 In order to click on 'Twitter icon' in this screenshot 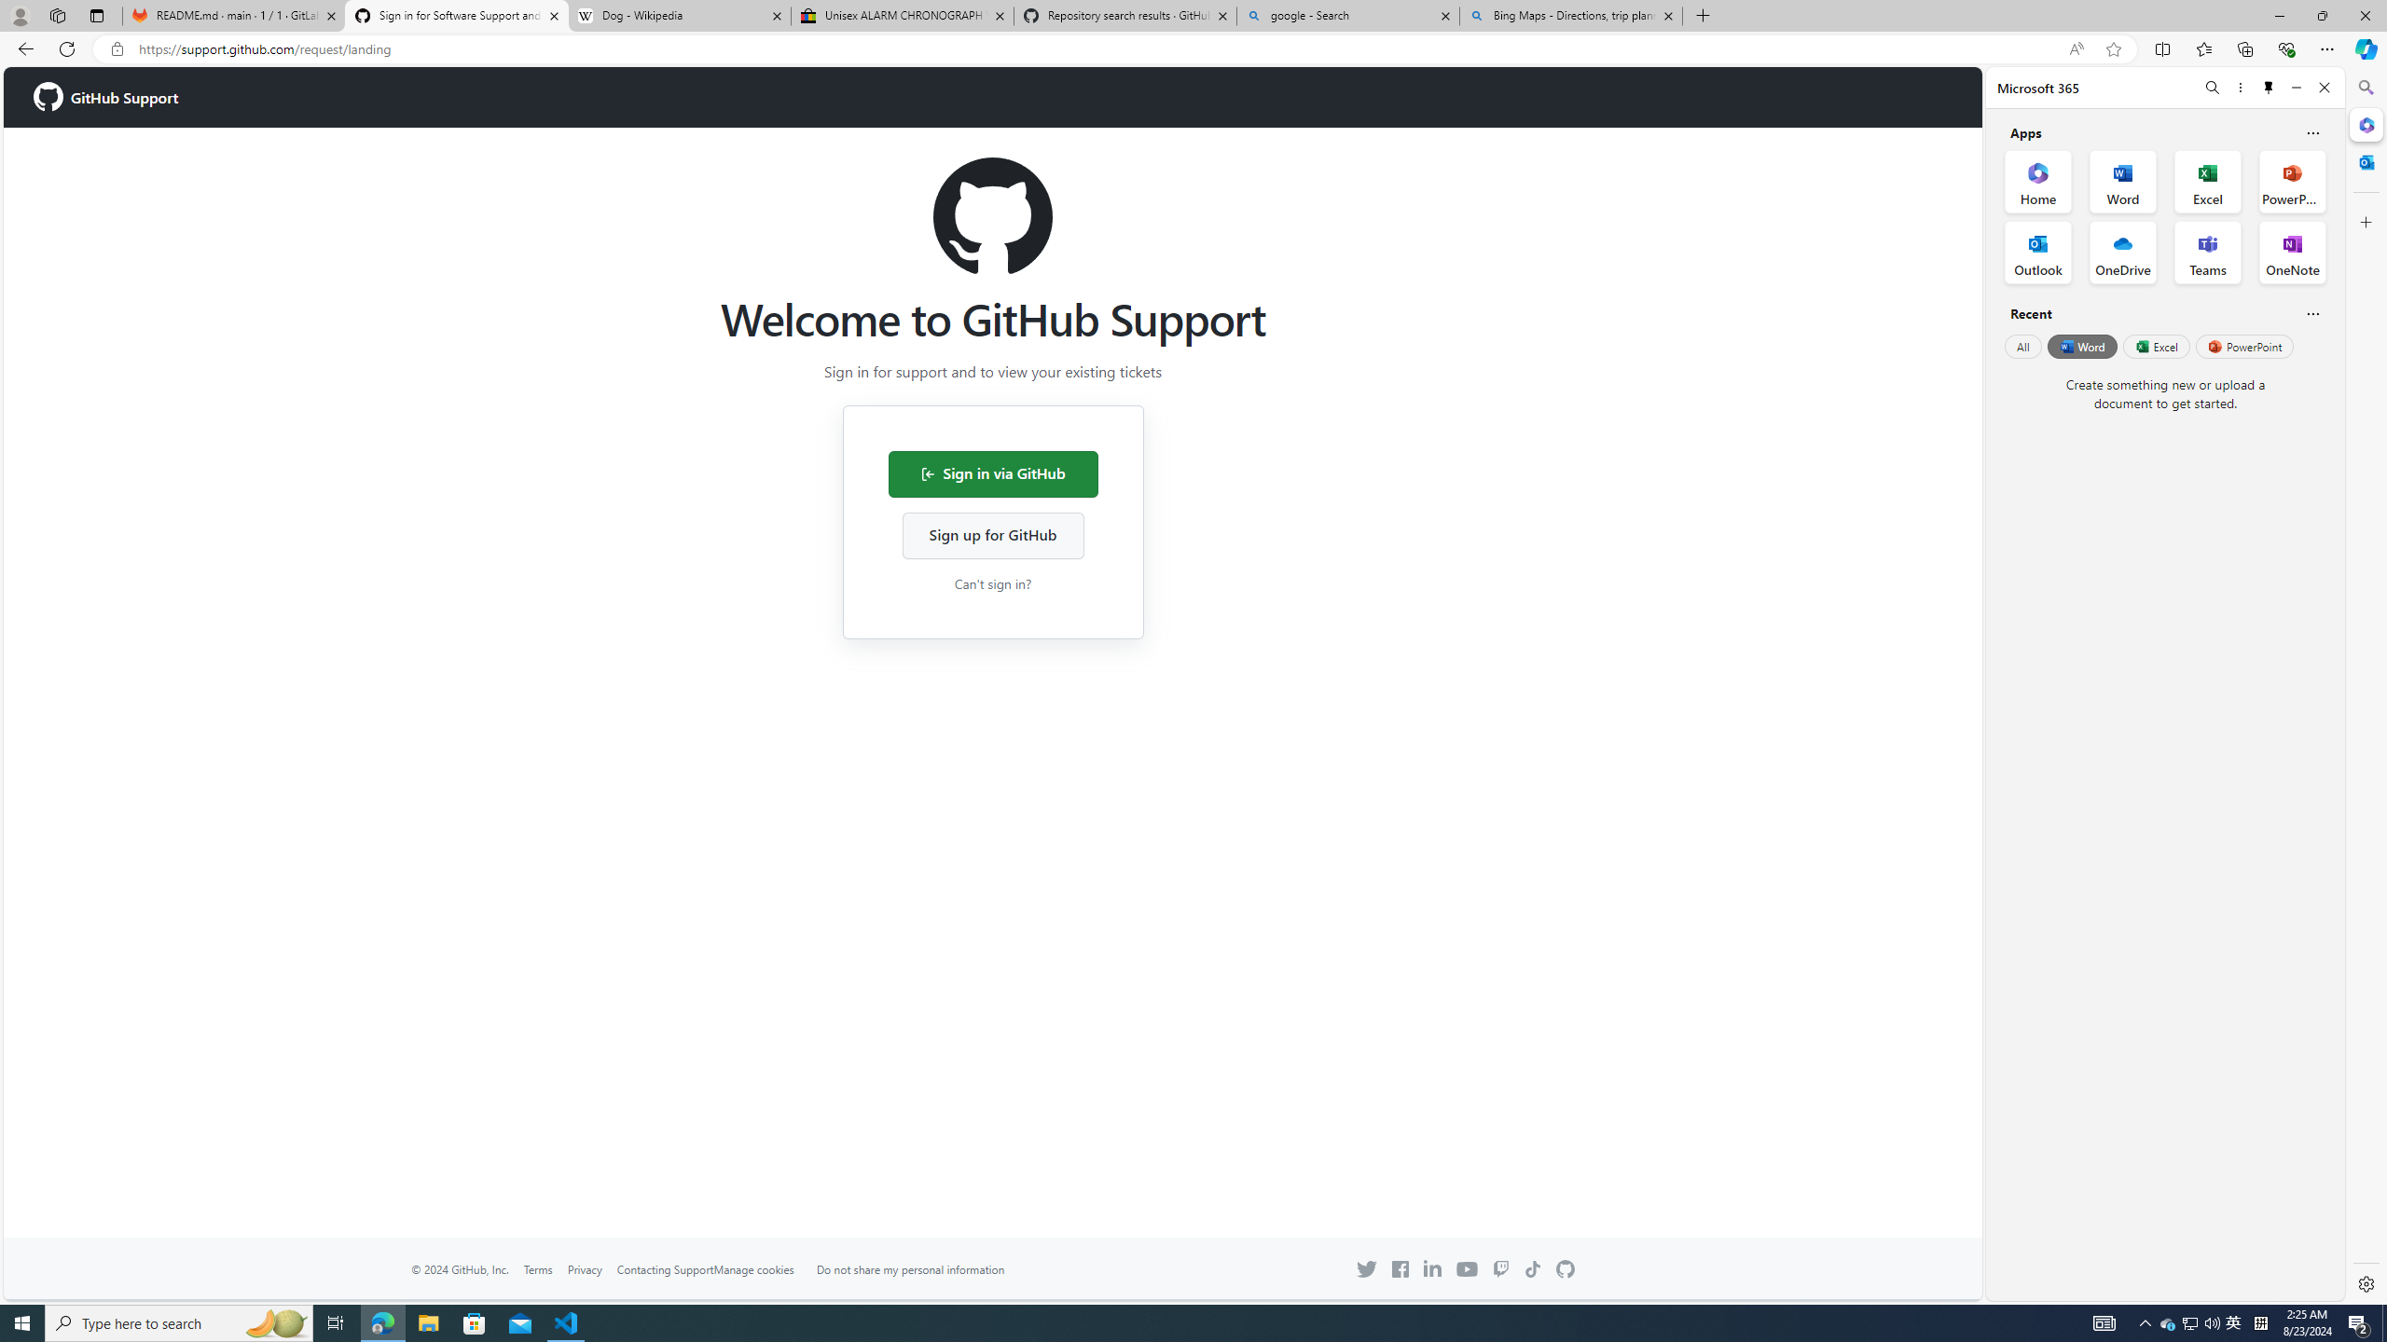, I will do `click(1365, 1269)`.